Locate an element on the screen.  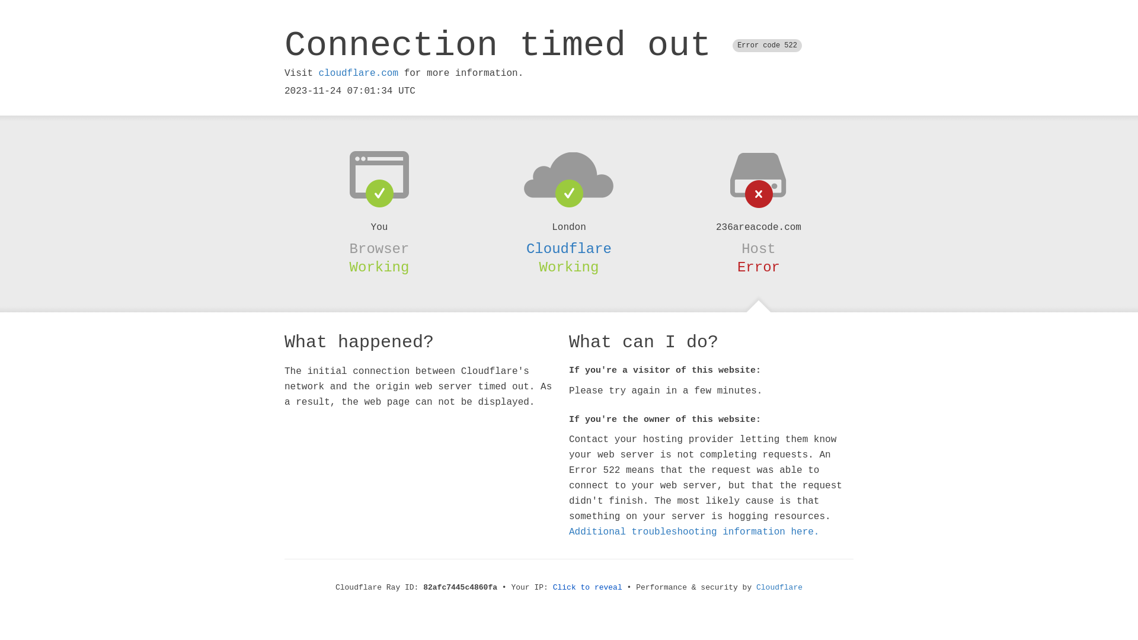
'Cloudflare' is located at coordinates (569, 248).